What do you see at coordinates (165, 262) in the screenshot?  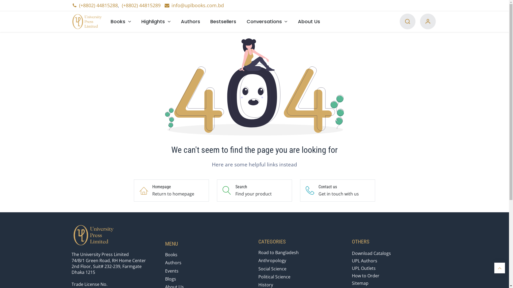 I see `'Authors'` at bounding box center [165, 262].